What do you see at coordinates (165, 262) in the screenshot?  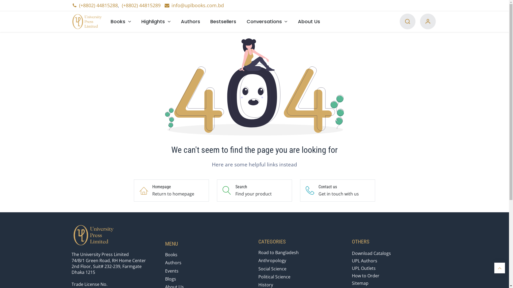 I see `'Authors'` at bounding box center [165, 262].